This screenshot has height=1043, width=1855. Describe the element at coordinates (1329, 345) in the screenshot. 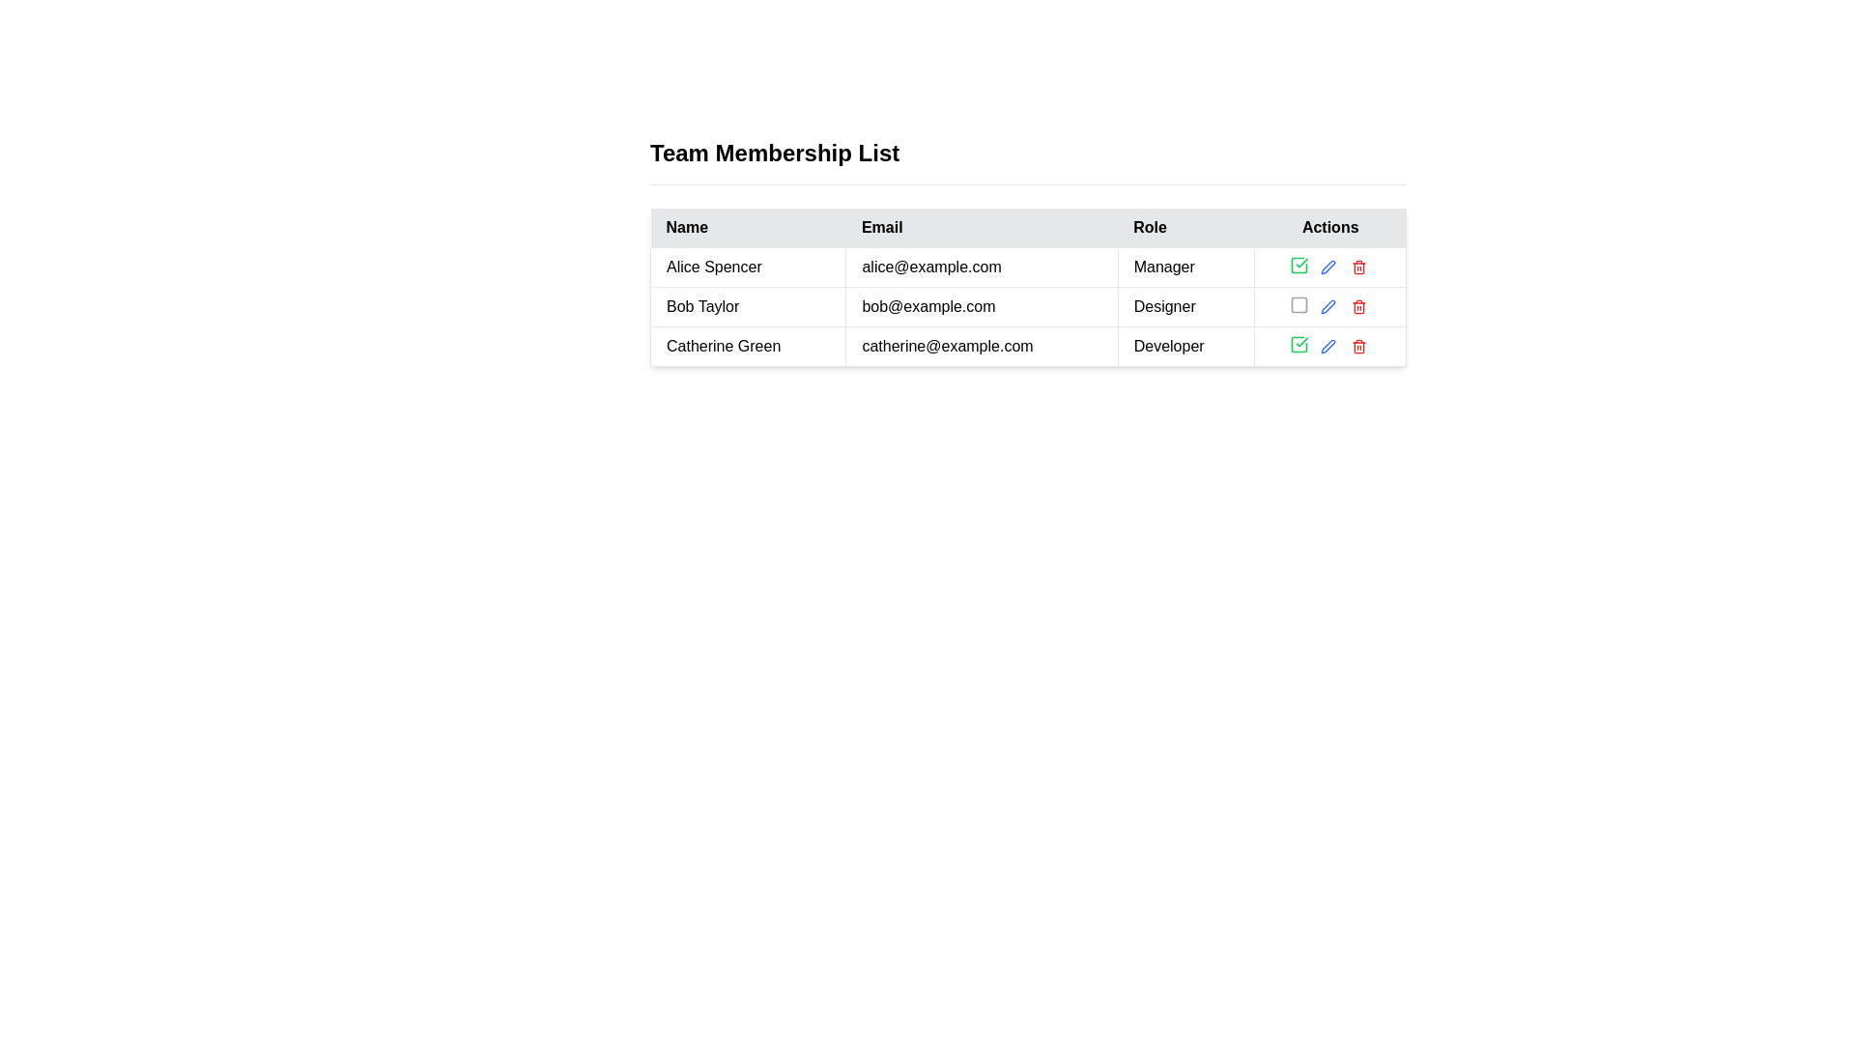

I see `the checkmark icon button in the 'Actions' column to mark the task of 'Catherine Green - Developer' as completed or approved` at that location.